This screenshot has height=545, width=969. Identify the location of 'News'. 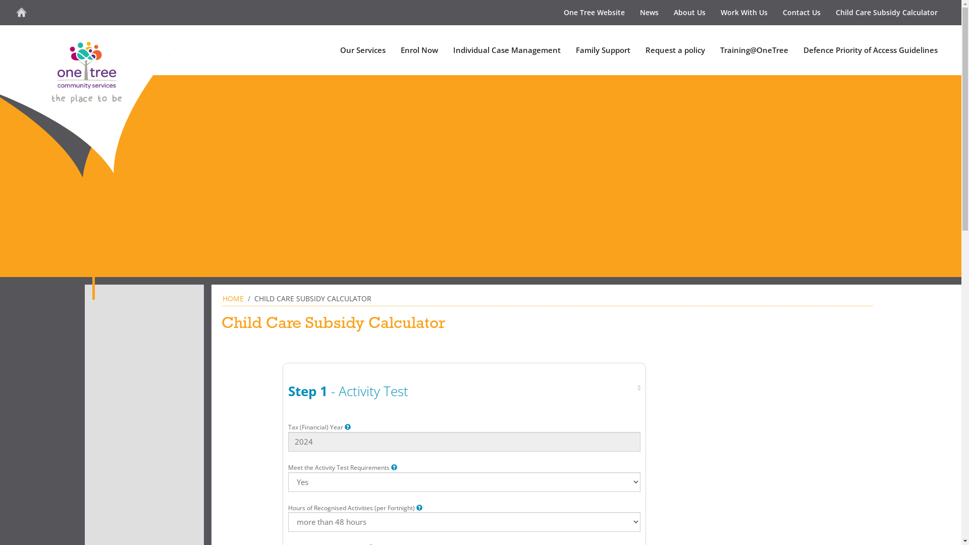
(649, 12).